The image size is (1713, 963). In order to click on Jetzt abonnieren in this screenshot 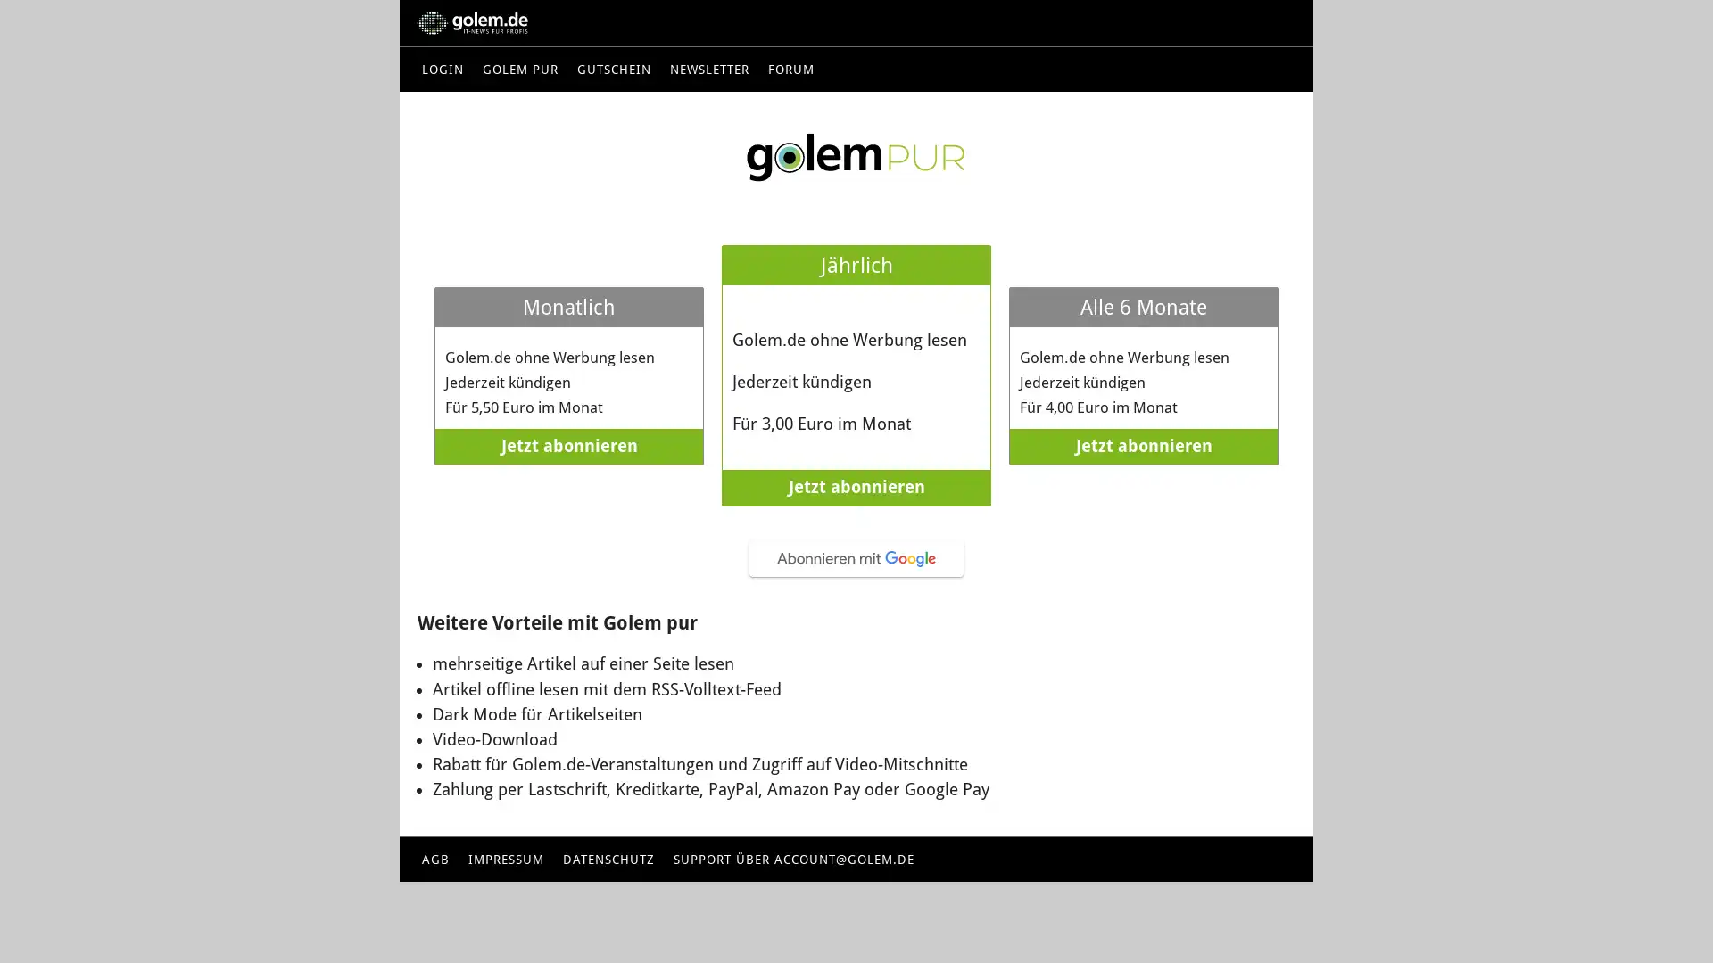, I will do `click(568, 446)`.